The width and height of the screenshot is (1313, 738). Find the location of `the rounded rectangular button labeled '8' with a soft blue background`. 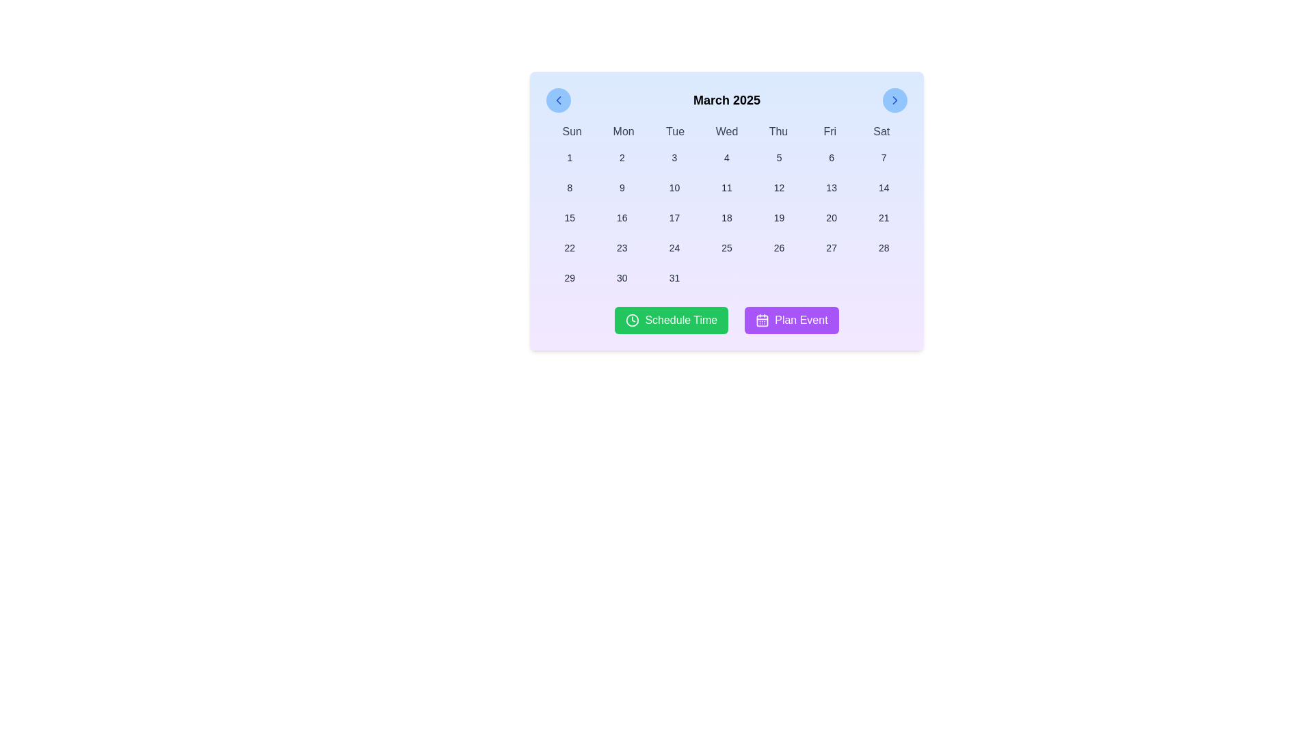

the rounded rectangular button labeled '8' with a soft blue background is located at coordinates (570, 187).